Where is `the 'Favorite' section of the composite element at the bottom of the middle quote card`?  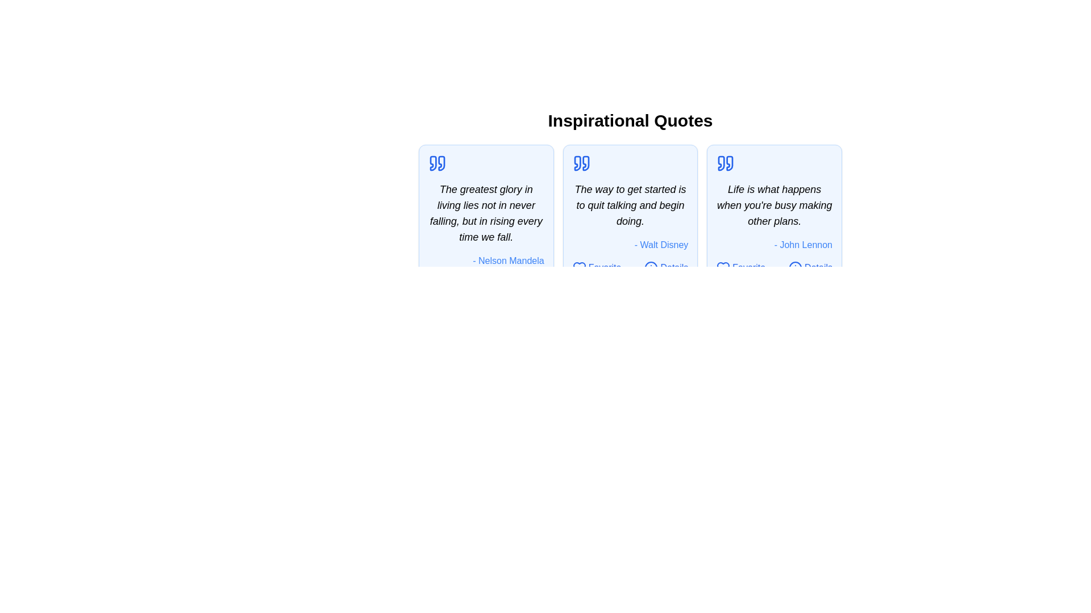
the 'Favorite' section of the composite element at the bottom of the middle quote card is located at coordinates (630, 267).